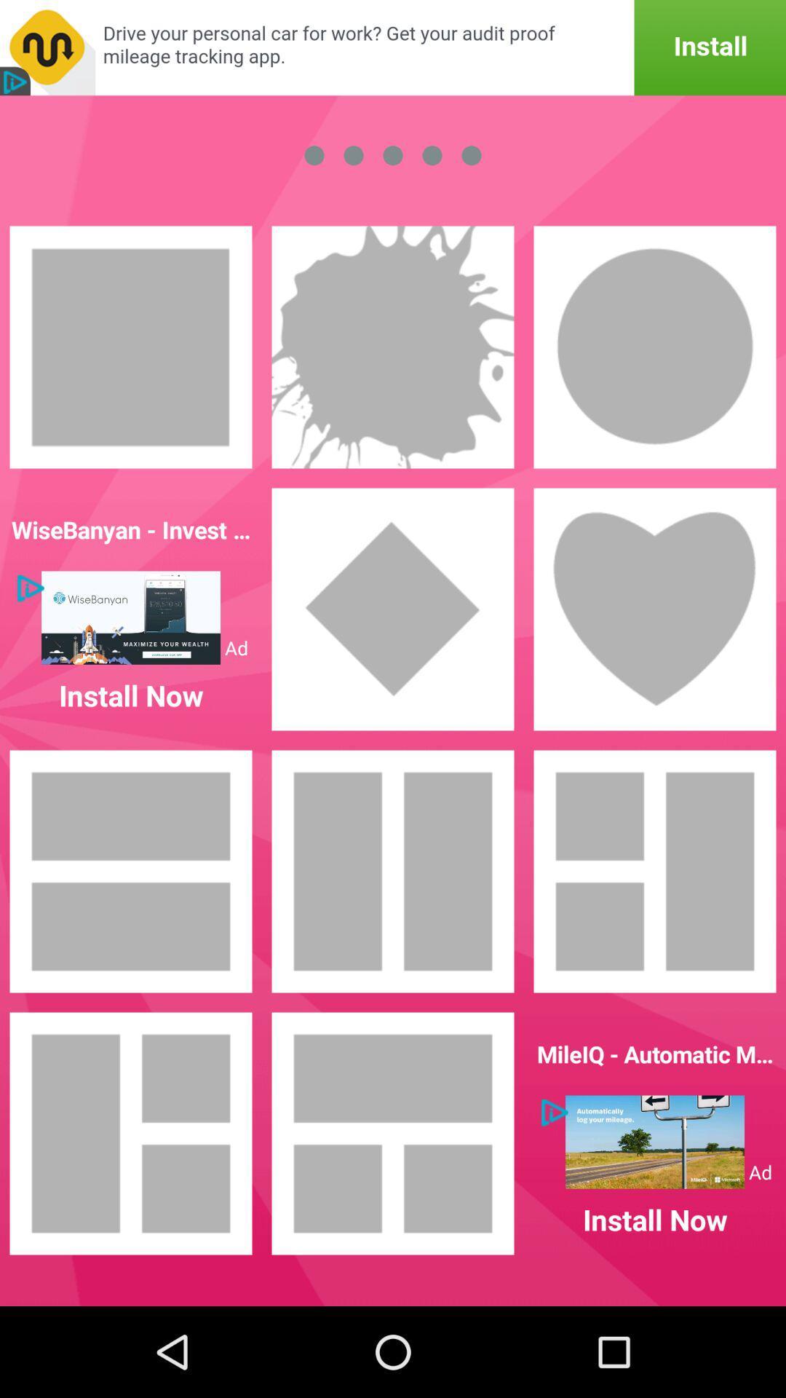 The height and width of the screenshot is (1398, 786). Describe the element at coordinates (393, 47) in the screenshot. I see `an advertisement` at that location.